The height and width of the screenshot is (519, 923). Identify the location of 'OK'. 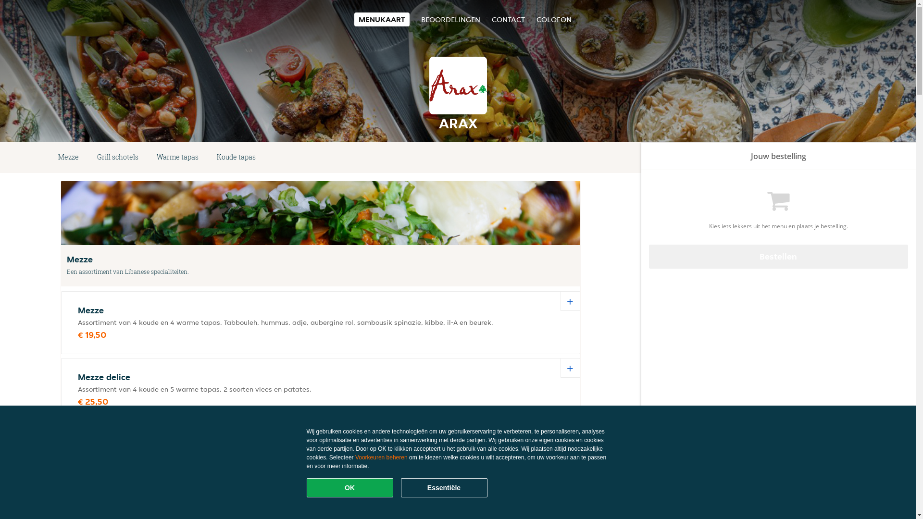
(349, 487).